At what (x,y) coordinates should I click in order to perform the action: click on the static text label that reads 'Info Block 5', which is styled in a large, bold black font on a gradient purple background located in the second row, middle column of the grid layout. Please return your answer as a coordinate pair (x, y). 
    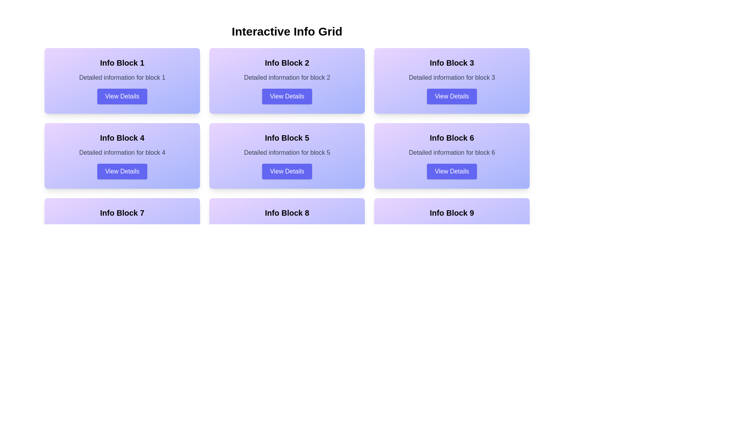
    Looking at the image, I should click on (286, 138).